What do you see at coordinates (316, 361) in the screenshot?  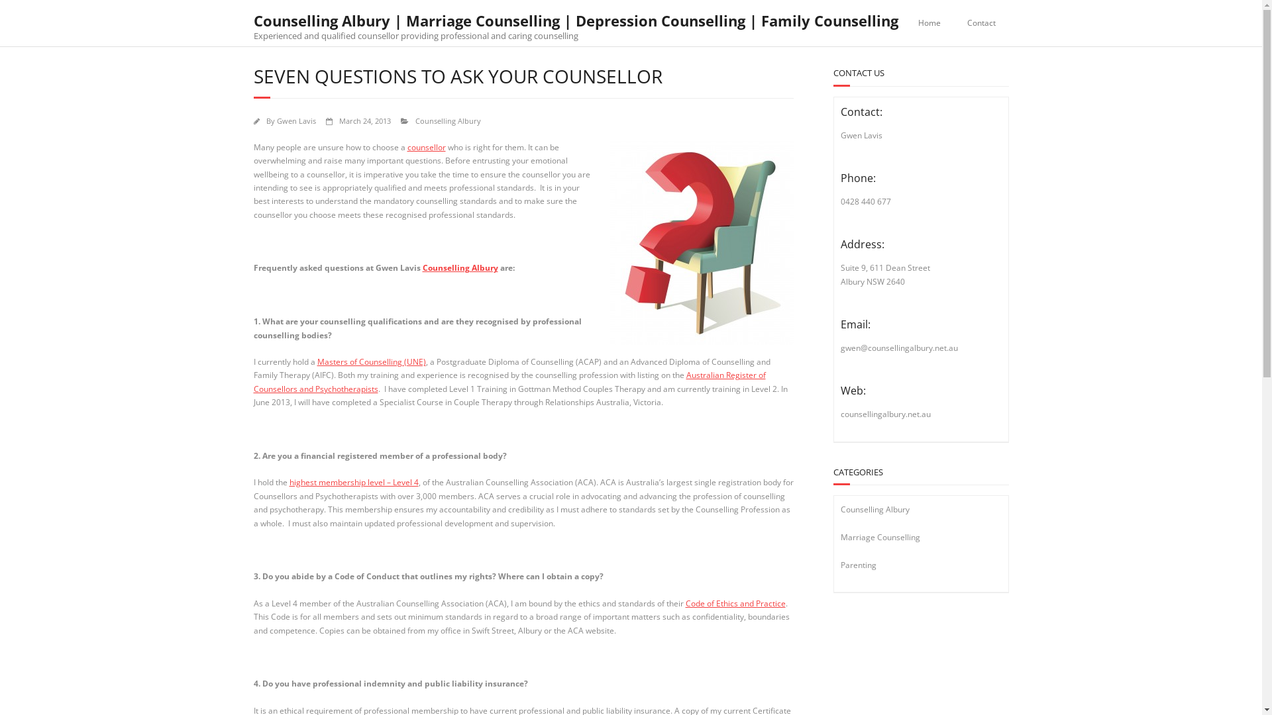 I see `'Masters of Counselling (UNE)'` at bounding box center [316, 361].